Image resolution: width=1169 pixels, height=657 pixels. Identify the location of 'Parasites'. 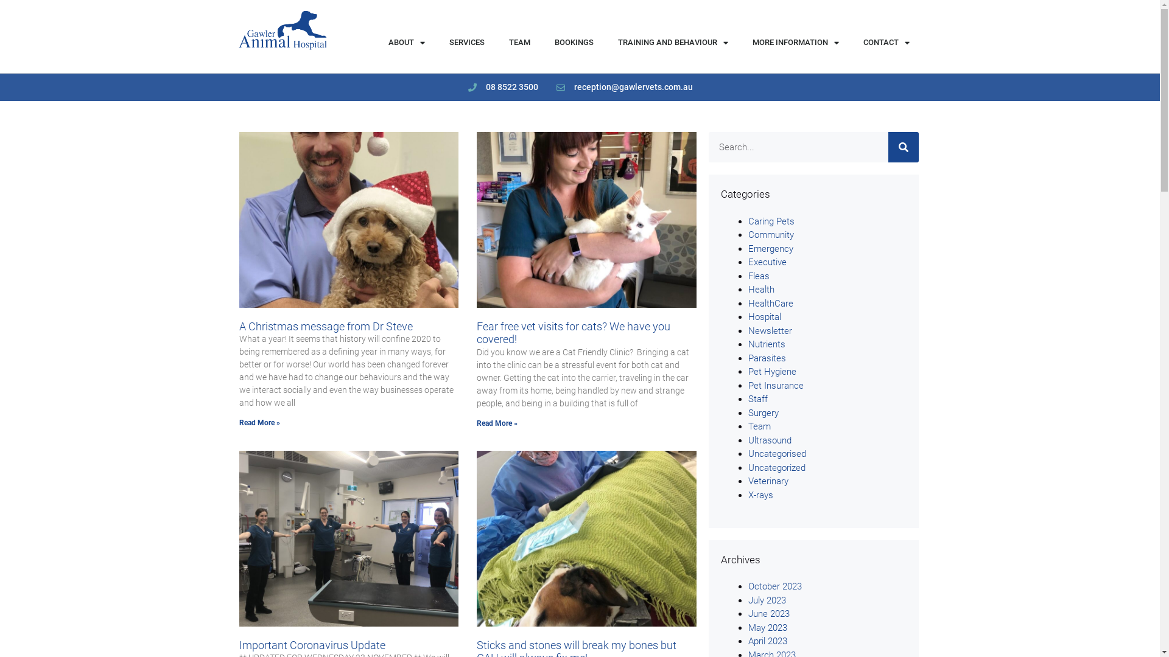
(766, 358).